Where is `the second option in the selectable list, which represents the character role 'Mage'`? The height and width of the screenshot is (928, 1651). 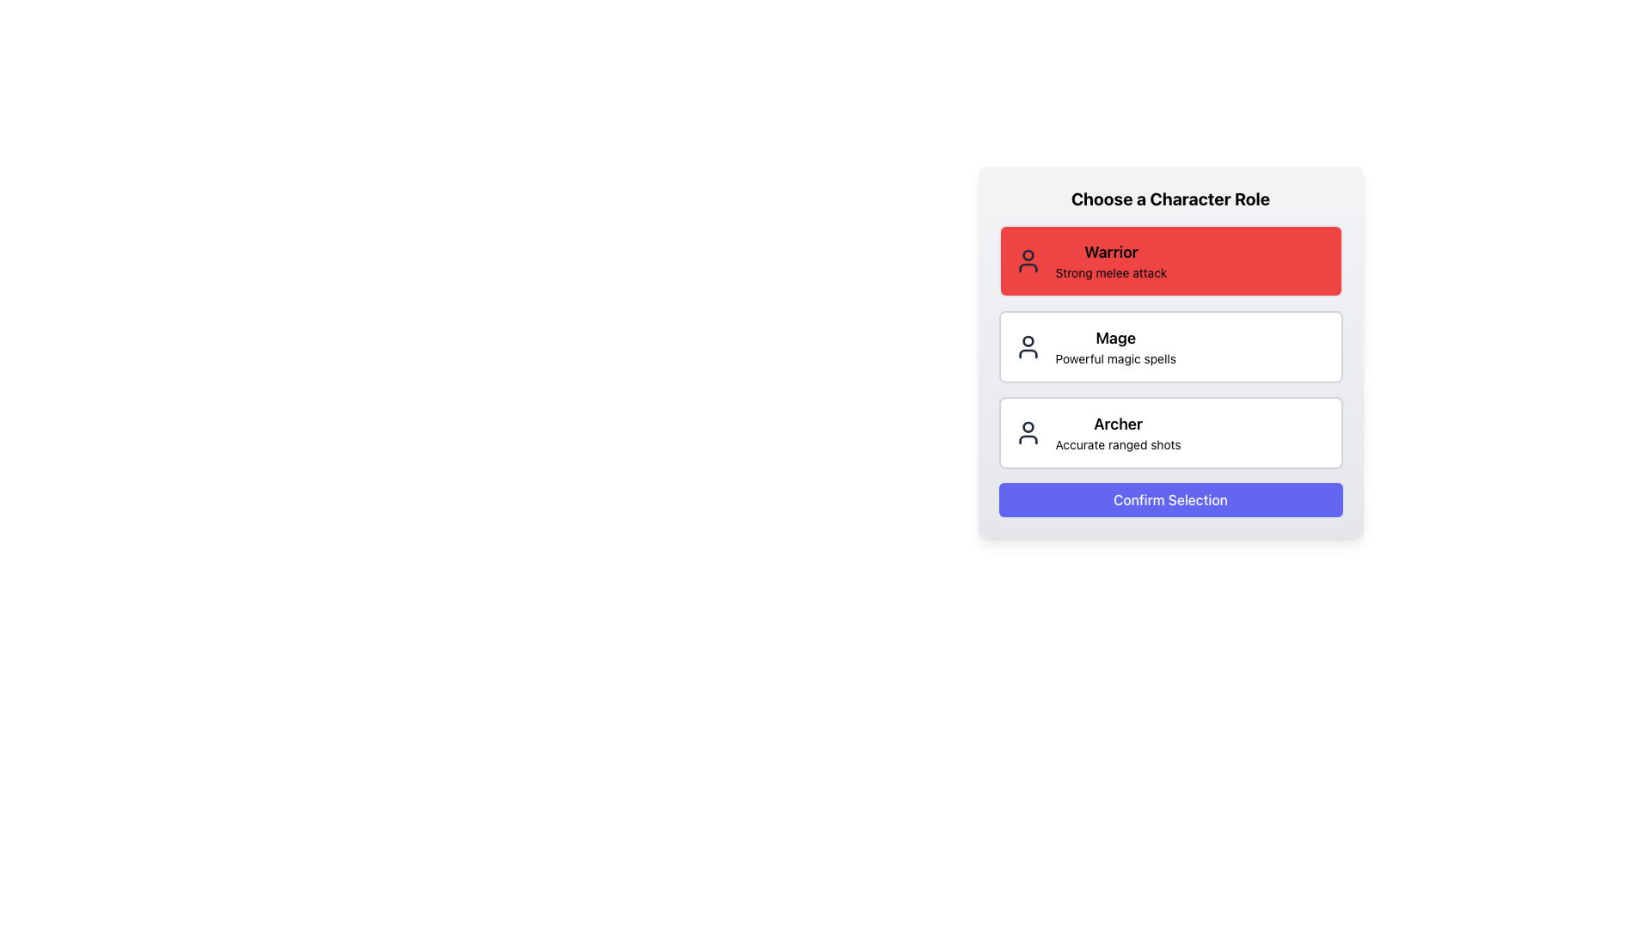 the second option in the selectable list, which represents the character role 'Mage' is located at coordinates (1169, 347).